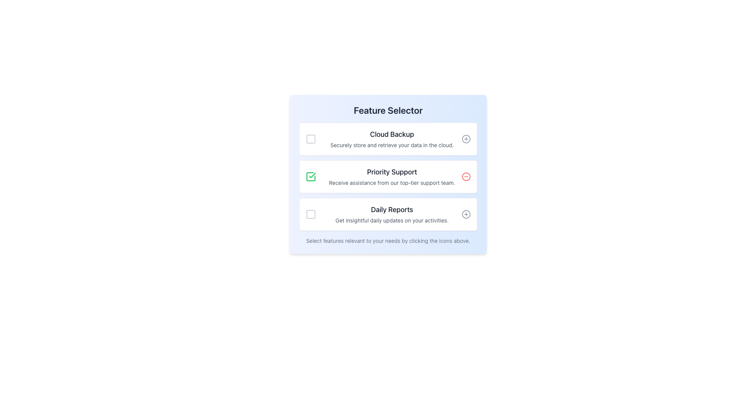 Image resolution: width=738 pixels, height=415 pixels. What do you see at coordinates (392, 145) in the screenshot?
I see `the text element that reads 'Securely store and retrieve your data in the cloud.' located beneath the 'Cloud Backup' title` at bounding box center [392, 145].